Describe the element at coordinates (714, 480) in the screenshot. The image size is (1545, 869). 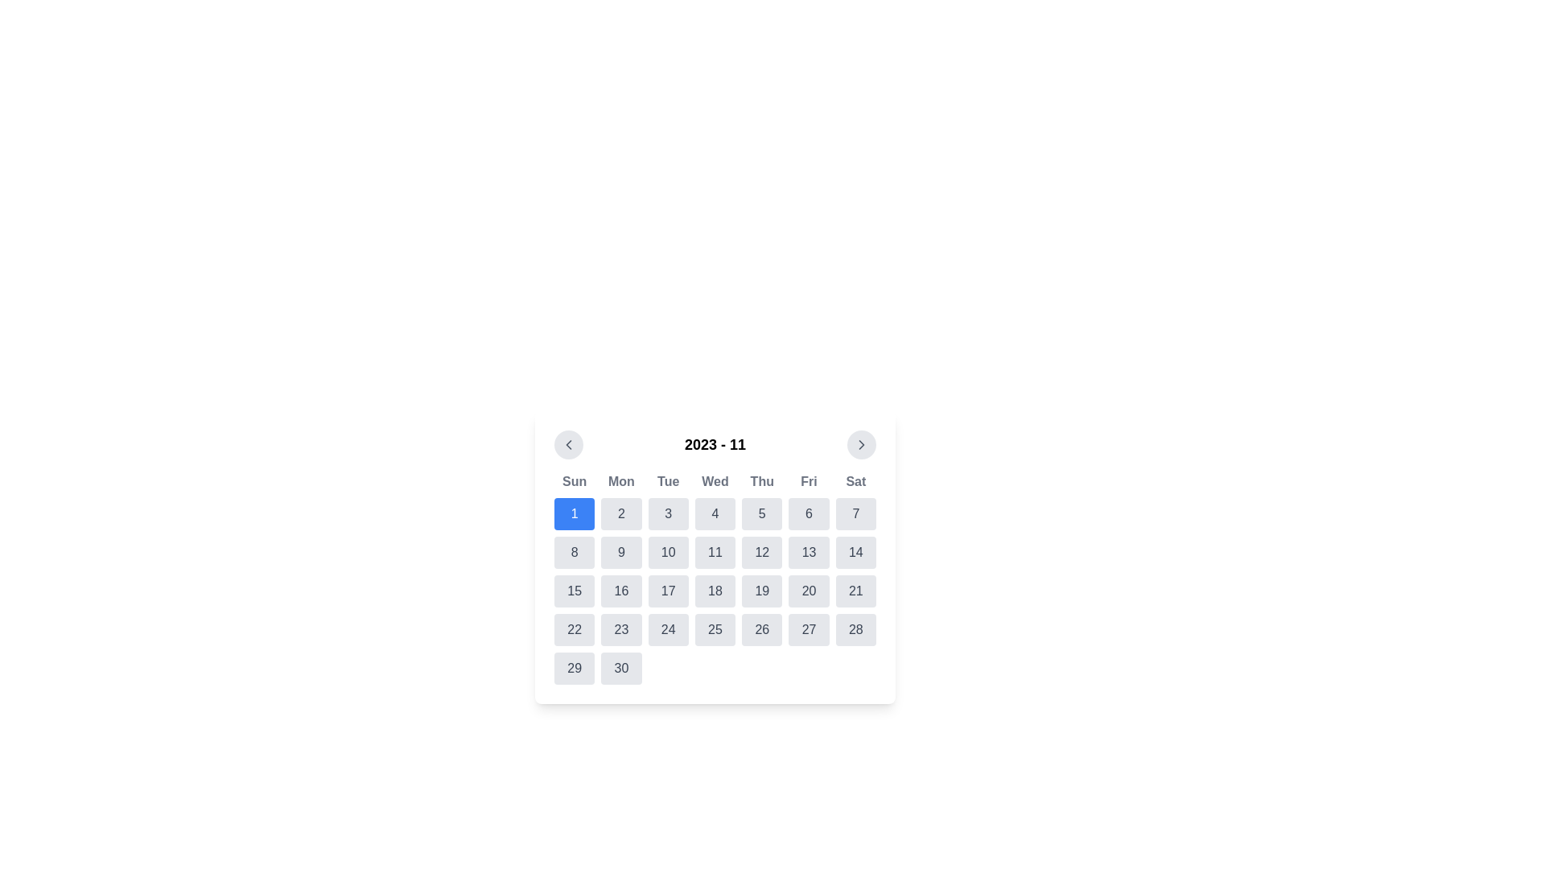
I see `text label indicating 'Wednesday' in the calendar interface, which is the fourth entry among the day labels at the top of the calendar` at that location.